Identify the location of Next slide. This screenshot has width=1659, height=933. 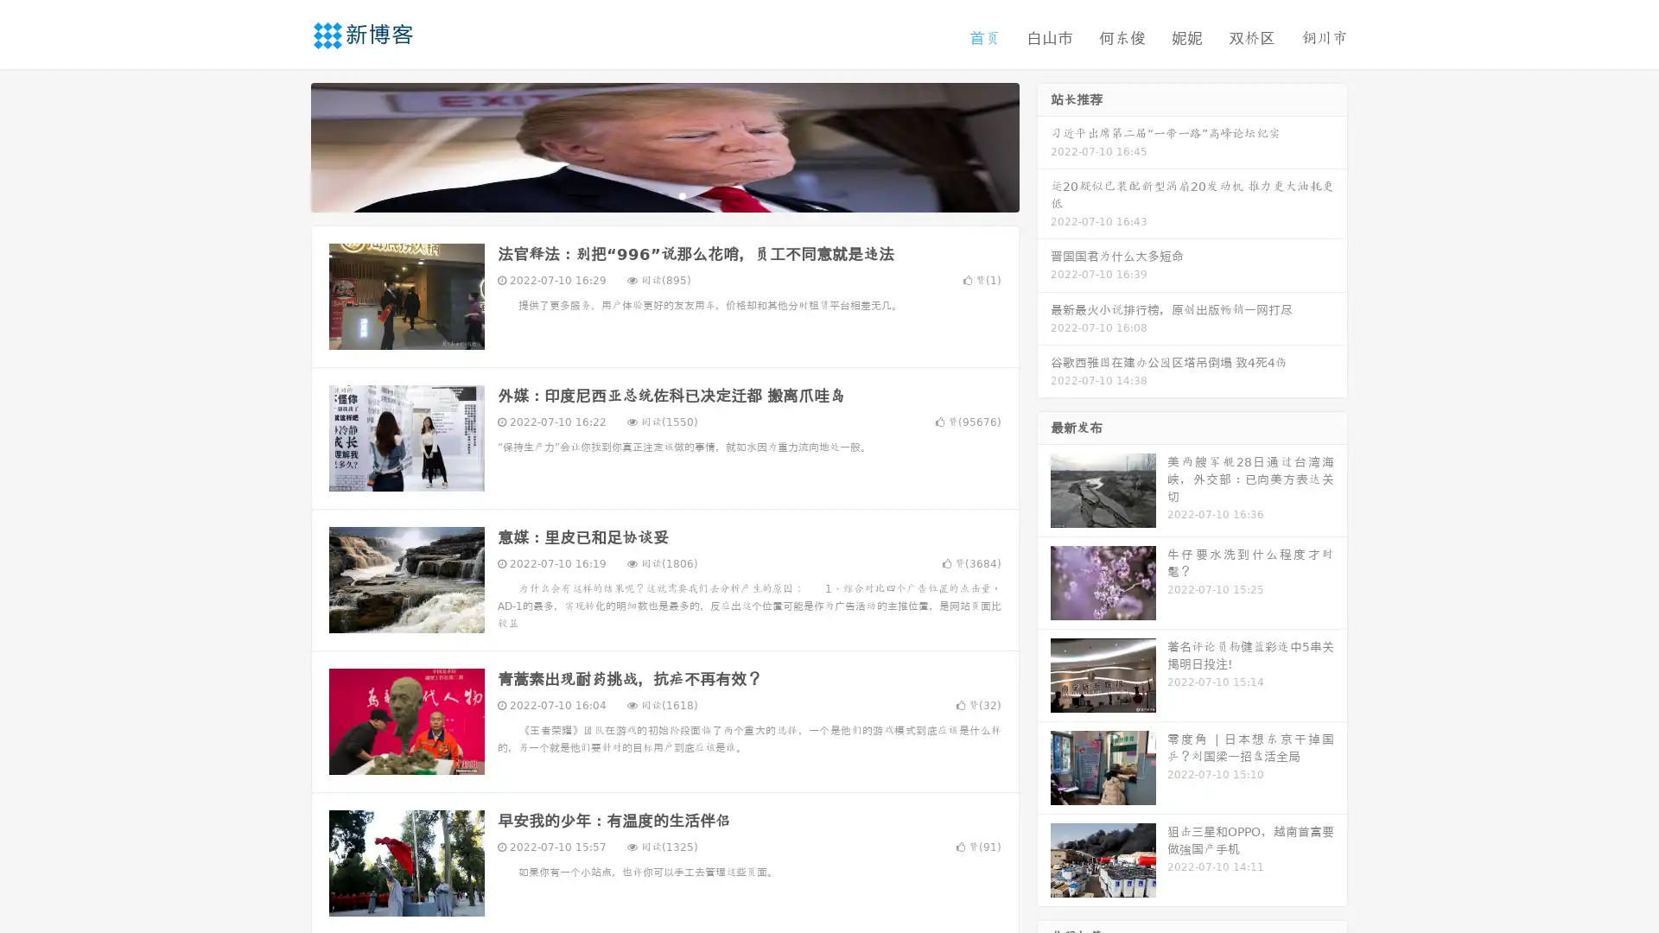
(1044, 145).